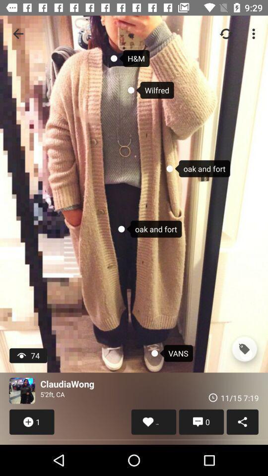  Describe the element at coordinates (22, 391) in the screenshot. I see `icon above the 1 item` at that location.